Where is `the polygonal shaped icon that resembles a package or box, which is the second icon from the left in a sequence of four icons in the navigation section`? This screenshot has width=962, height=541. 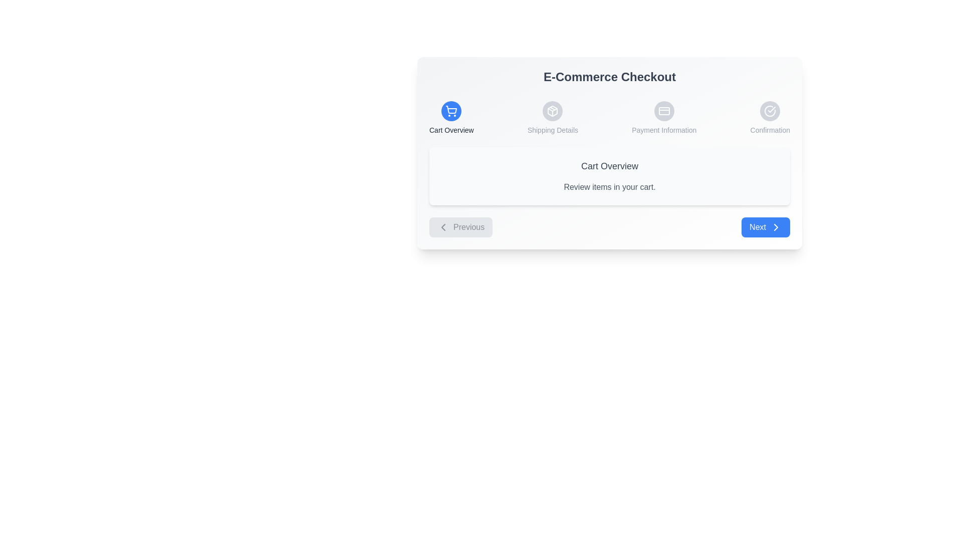 the polygonal shaped icon that resembles a package or box, which is the second icon from the left in a sequence of four icons in the navigation section is located at coordinates (552, 111).